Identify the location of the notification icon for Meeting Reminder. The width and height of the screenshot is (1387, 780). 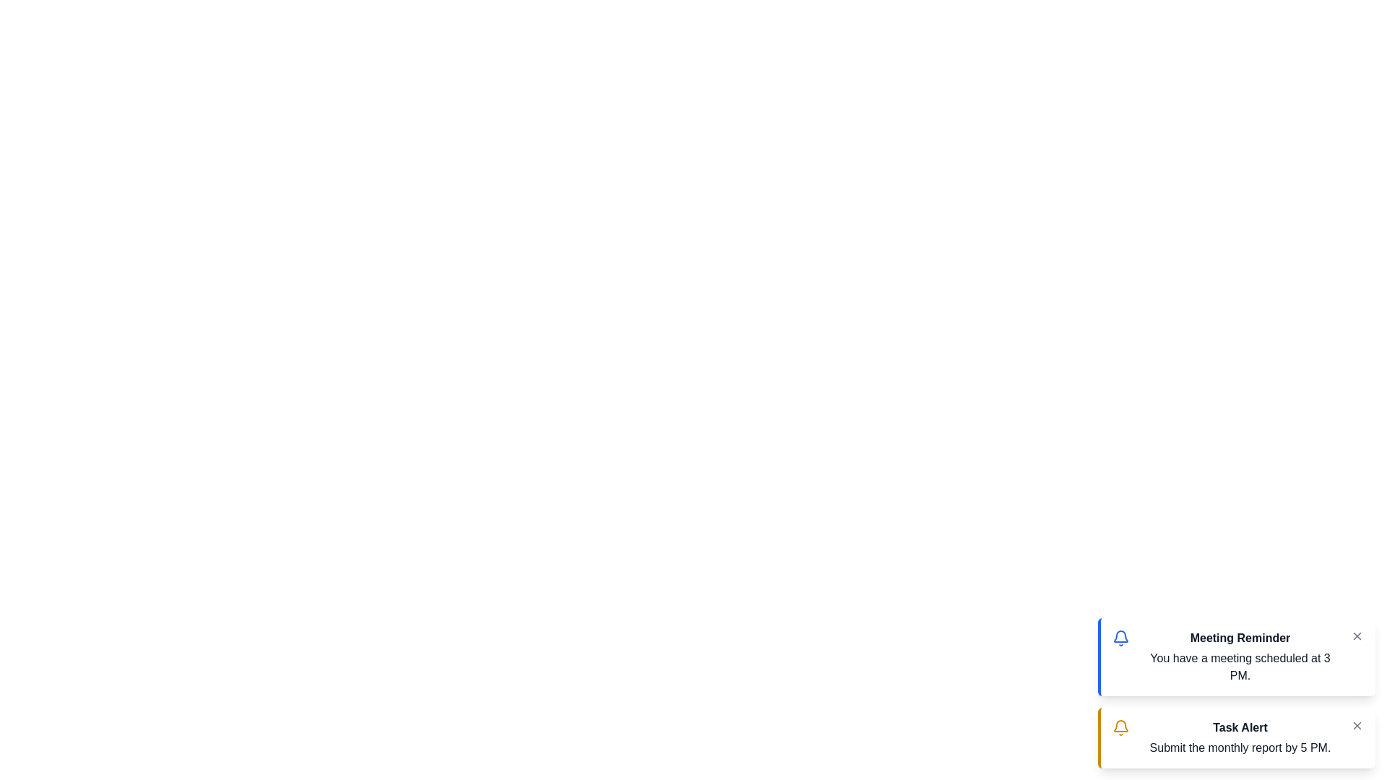
(1120, 637).